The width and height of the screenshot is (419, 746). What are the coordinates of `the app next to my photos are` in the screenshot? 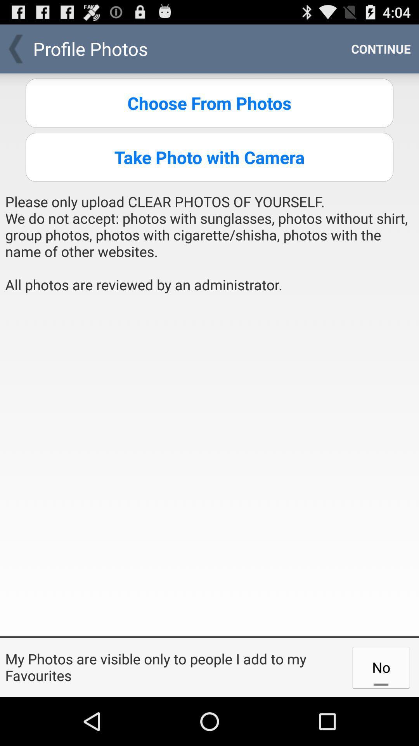 It's located at (381, 667).